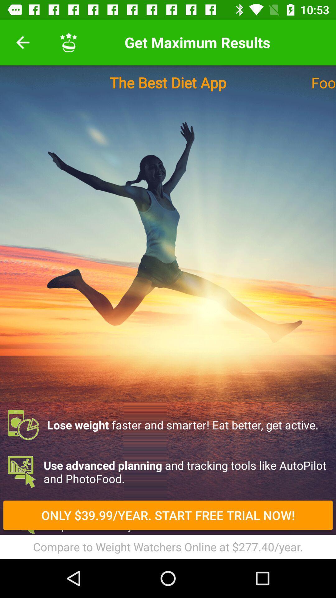  What do you see at coordinates (168, 519) in the screenshot?
I see `the icon above link your diary item` at bounding box center [168, 519].